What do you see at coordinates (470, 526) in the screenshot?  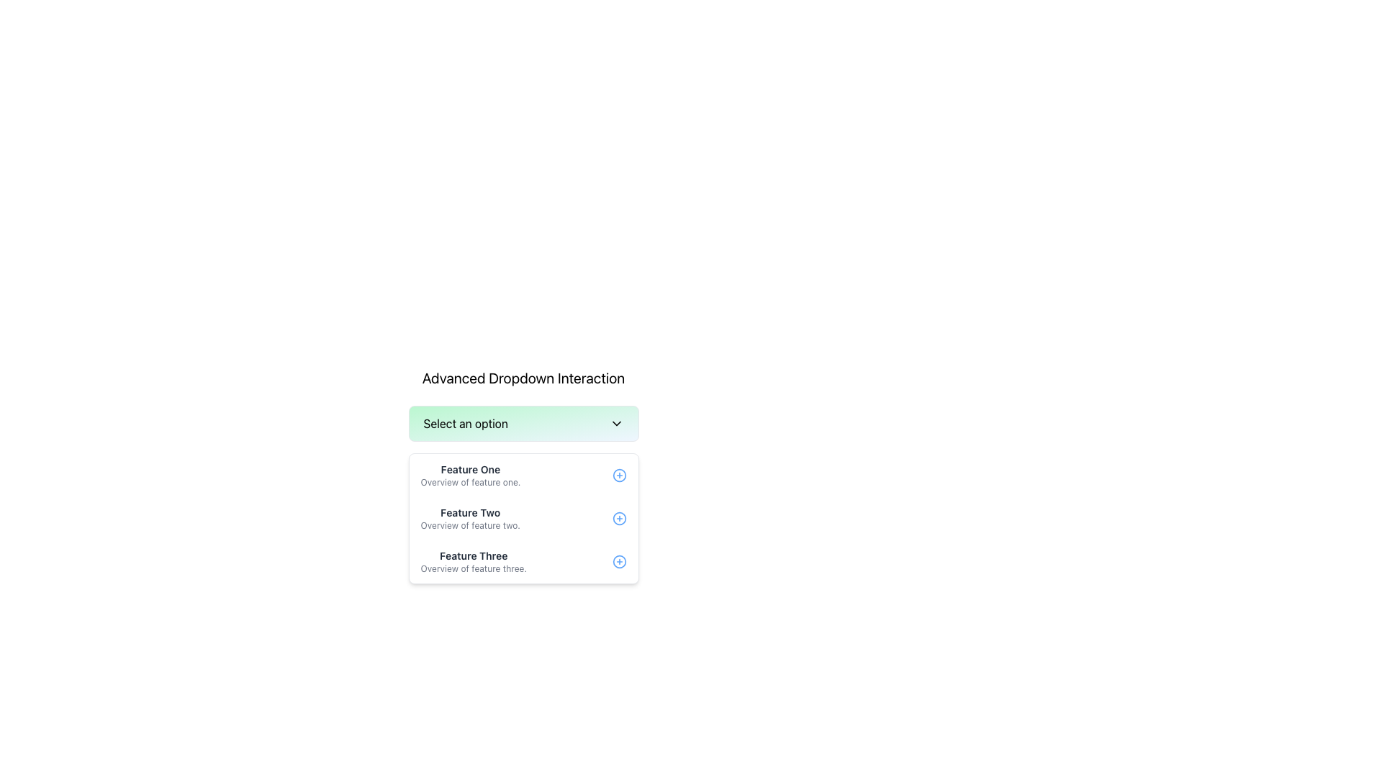 I see `the text label that provides a brief description of the feature located directly below the 'Feature Two' header in the dropdown menu` at bounding box center [470, 526].